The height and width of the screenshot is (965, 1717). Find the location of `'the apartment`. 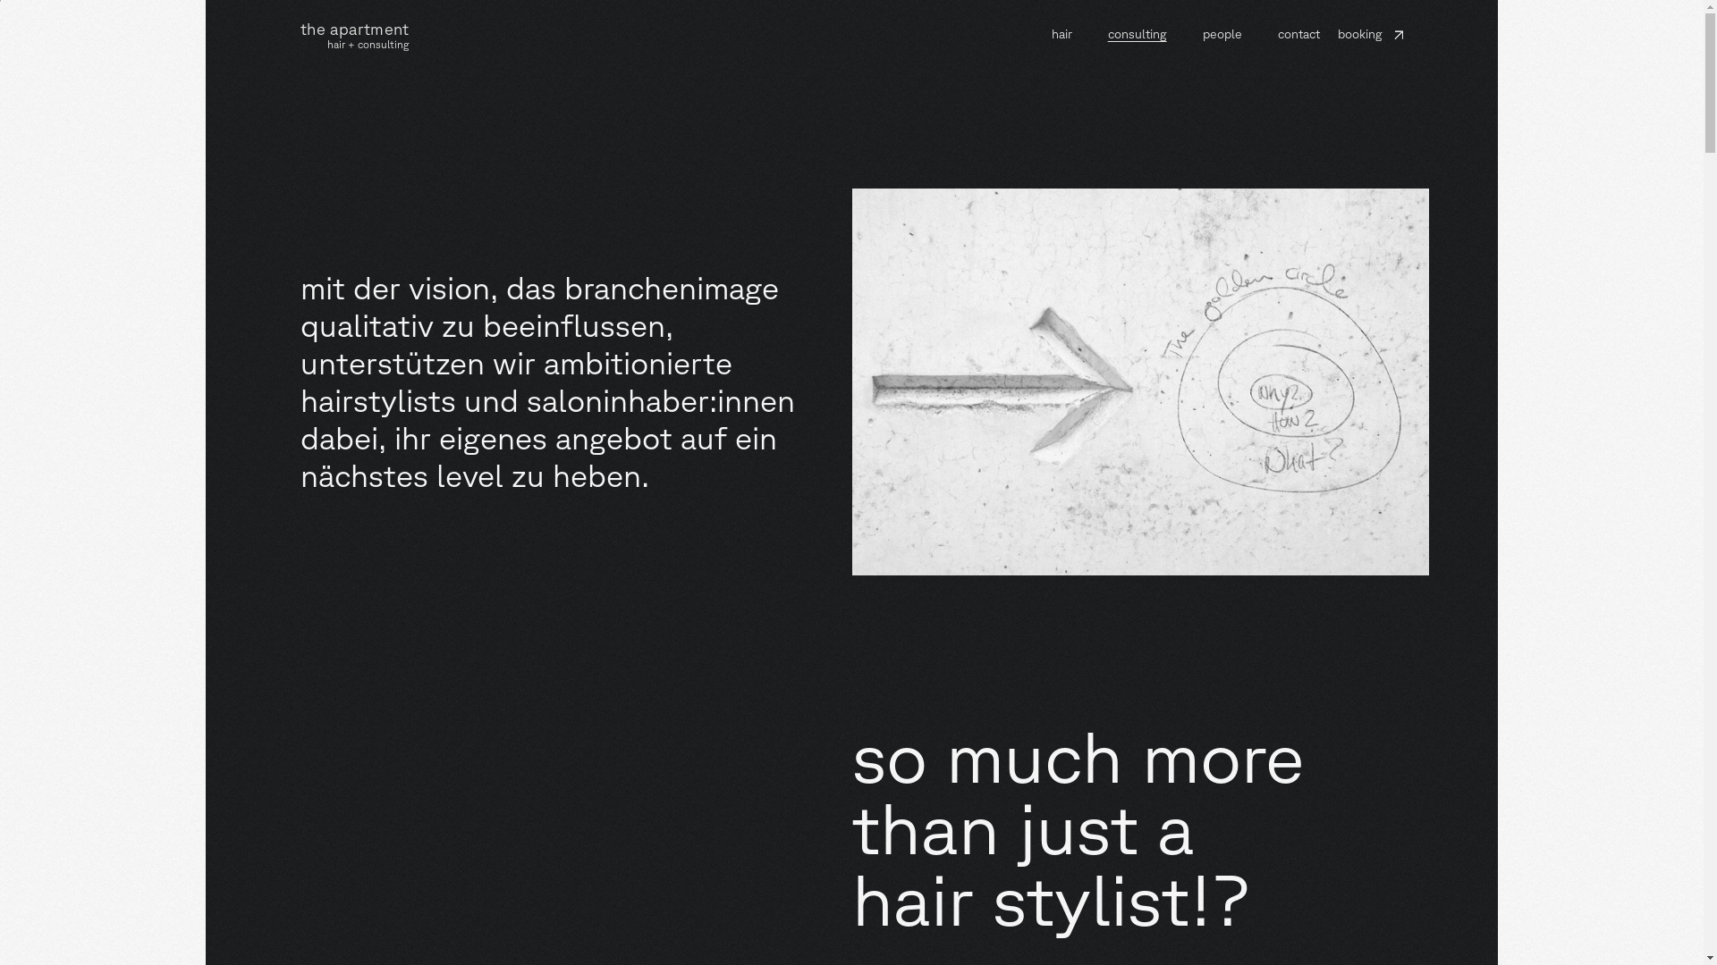

'the apartment is located at coordinates (300, 34).